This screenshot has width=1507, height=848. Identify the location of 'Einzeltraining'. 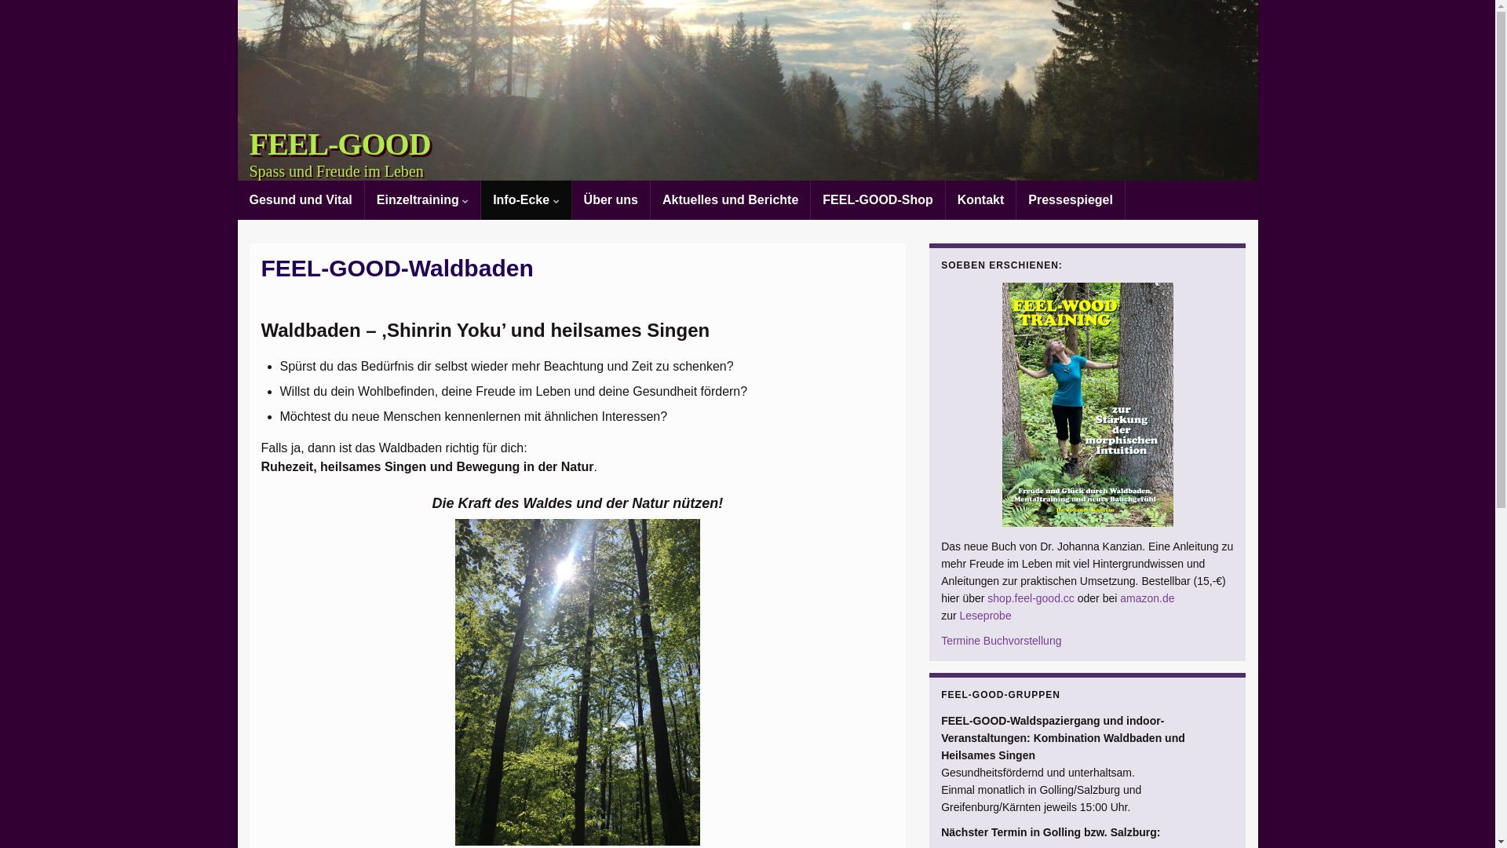
(422, 199).